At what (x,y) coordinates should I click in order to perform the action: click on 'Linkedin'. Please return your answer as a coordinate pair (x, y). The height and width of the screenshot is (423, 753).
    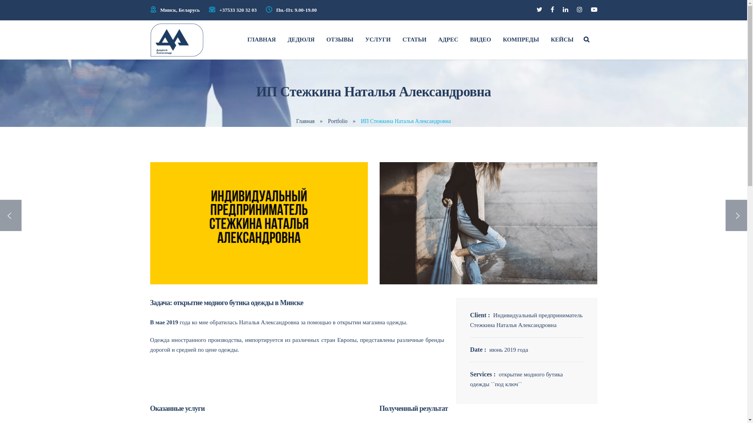
    Looking at the image, I should click on (565, 9).